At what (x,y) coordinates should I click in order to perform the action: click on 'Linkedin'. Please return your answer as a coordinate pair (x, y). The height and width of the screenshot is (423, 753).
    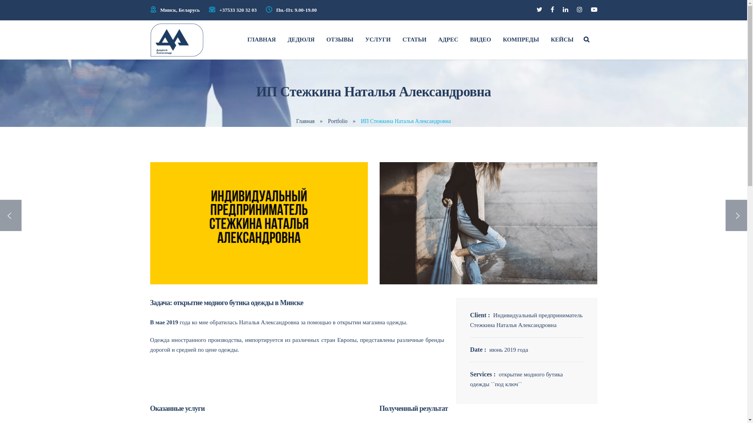
    Looking at the image, I should click on (565, 9).